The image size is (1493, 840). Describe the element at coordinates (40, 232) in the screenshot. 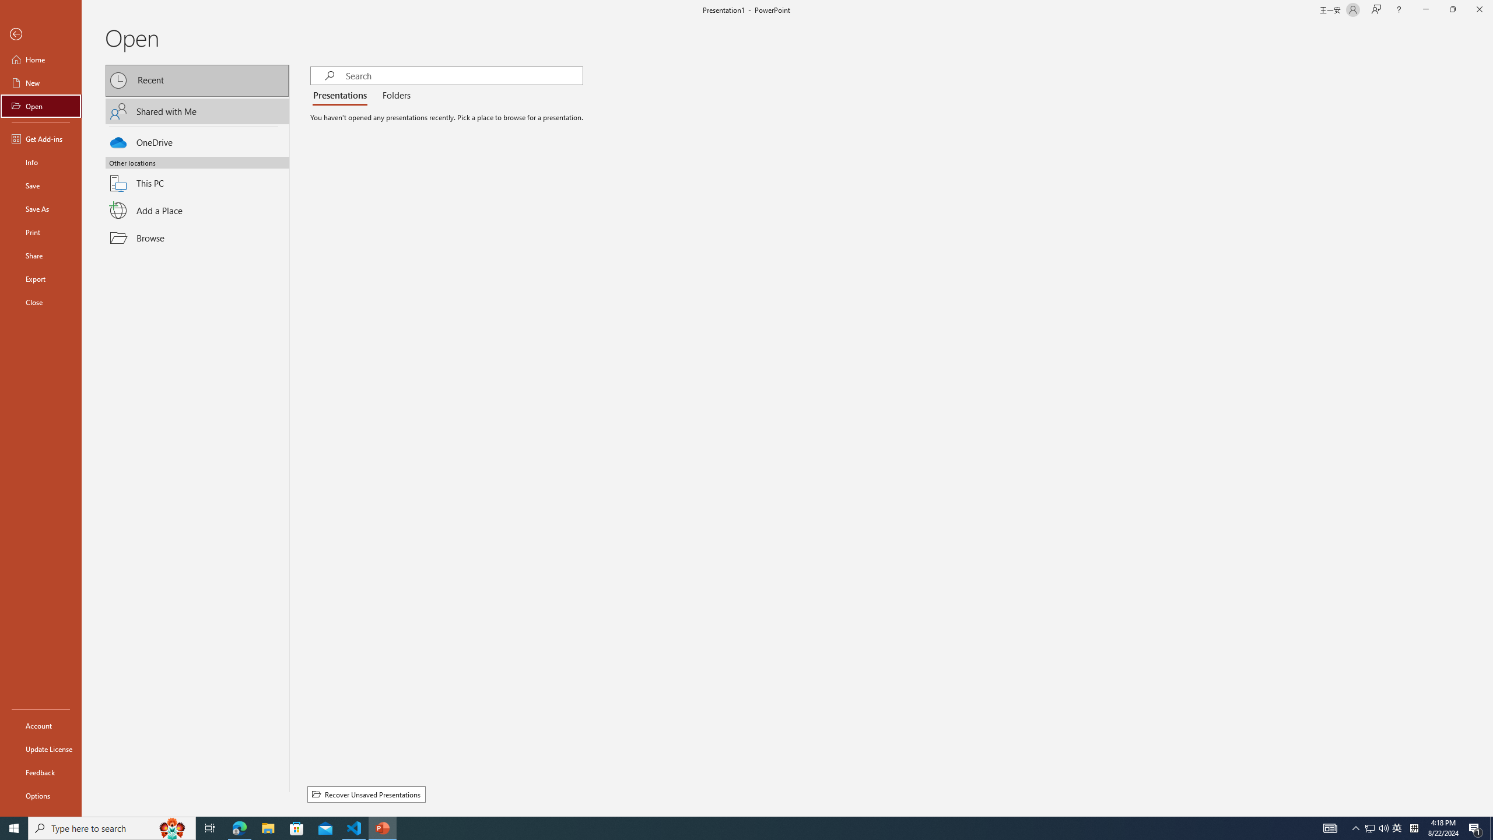

I see `'Print'` at that location.